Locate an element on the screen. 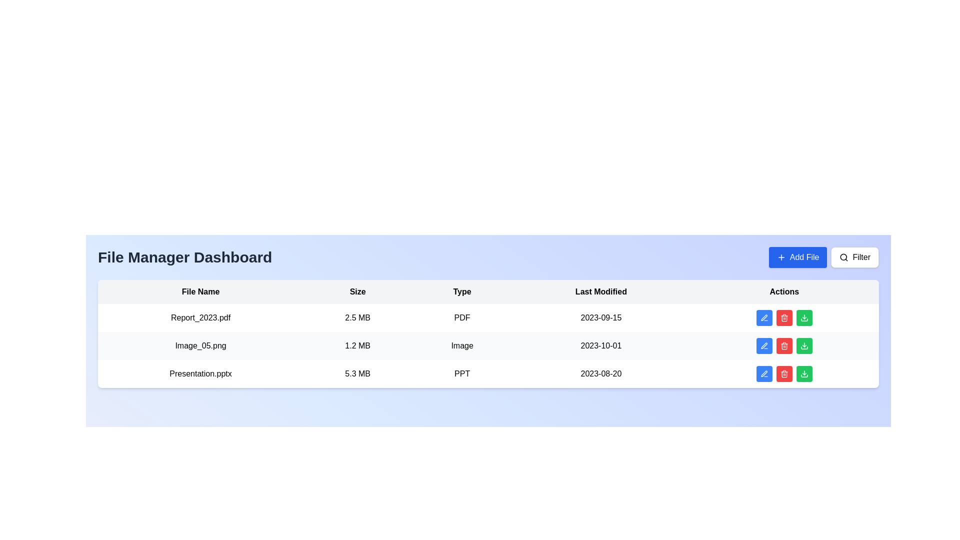  the SVG icon of a plus sign located within the blue 'Add File' button to invoke the functionality of adding a file is located at coordinates (780, 257).